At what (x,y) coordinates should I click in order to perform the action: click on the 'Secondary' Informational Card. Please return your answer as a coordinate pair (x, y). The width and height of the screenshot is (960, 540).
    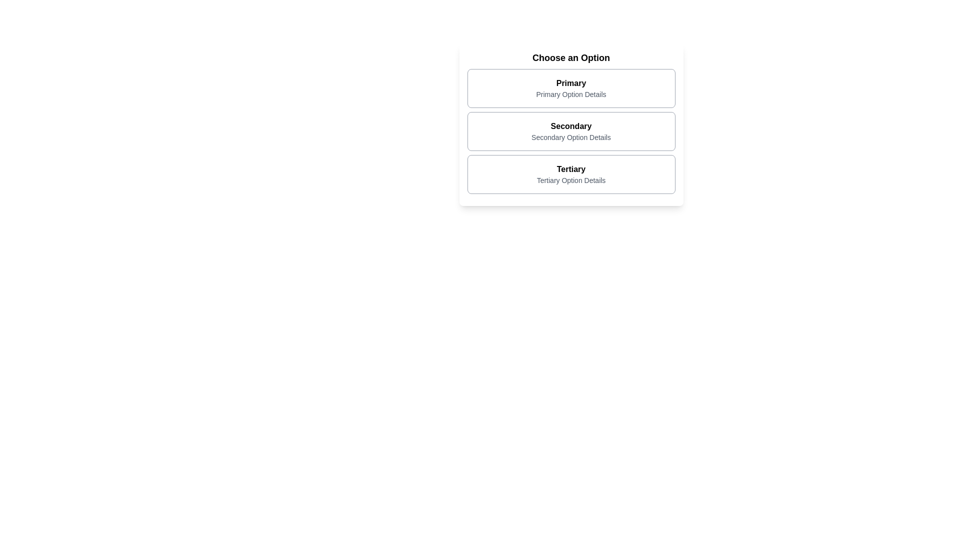
    Looking at the image, I should click on (571, 124).